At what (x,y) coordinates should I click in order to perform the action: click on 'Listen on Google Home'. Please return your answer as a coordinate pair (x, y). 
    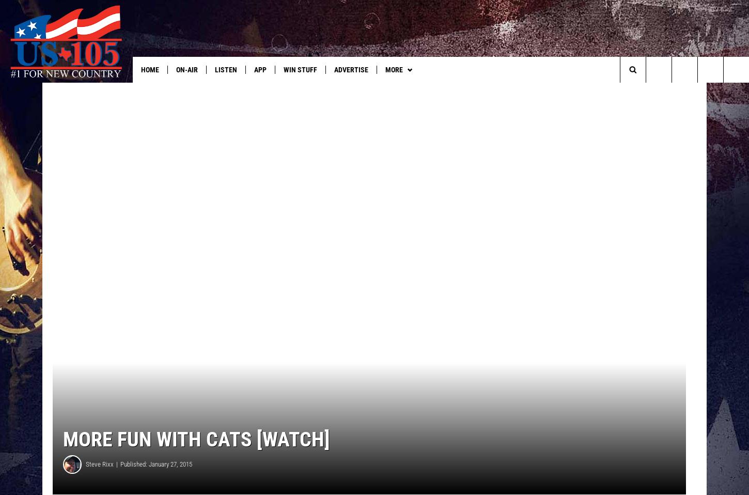
    Looking at the image, I should click on (568, 90).